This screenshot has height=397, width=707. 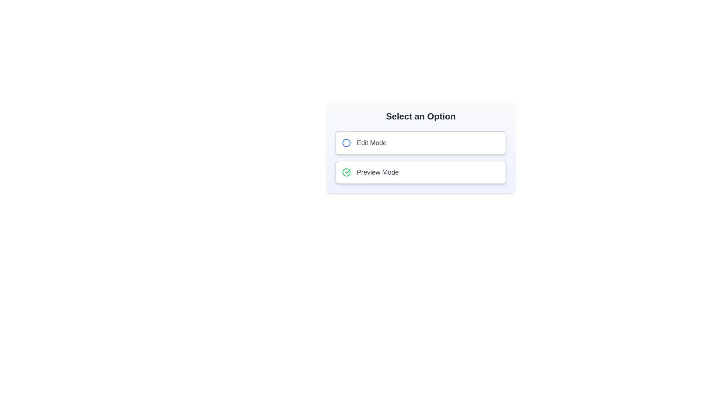 I want to click on the 'Preview Mode' button in the Toggle Button Group located beneath the 'Select an Option' heading to switch to preview mode, so click(x=421, y=157).